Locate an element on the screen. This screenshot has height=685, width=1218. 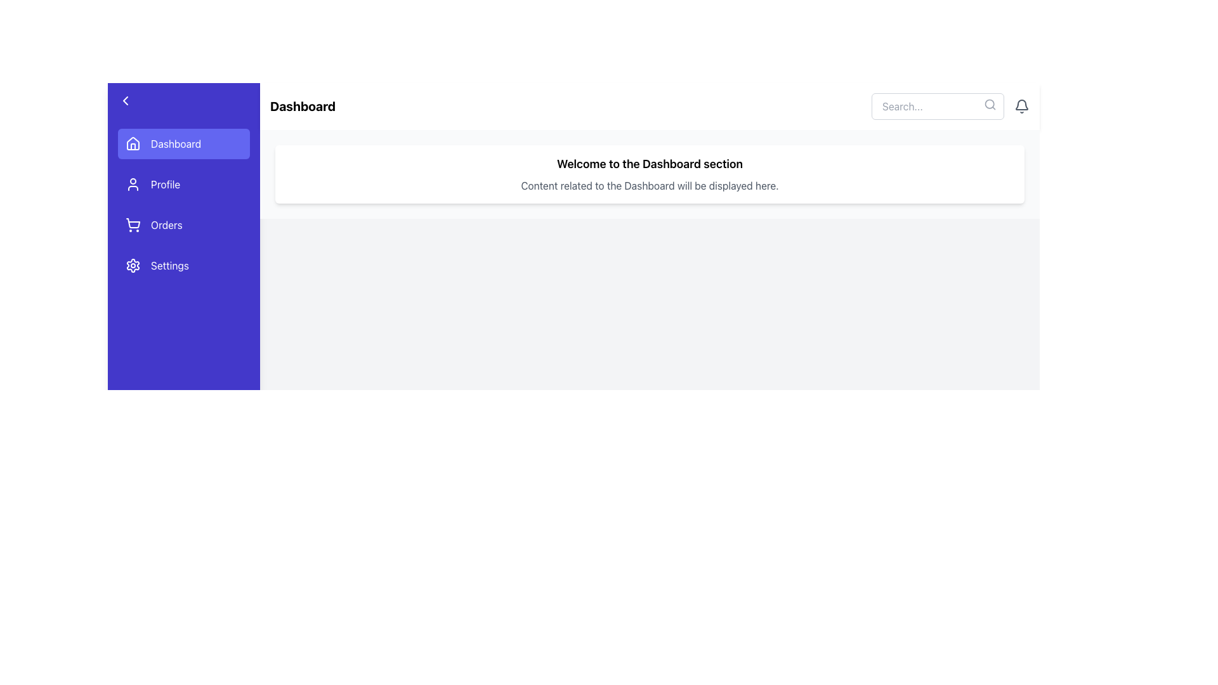
the chevron arrow icon located in the top section of the vertical menu bar on the left-hand side is located at coordinates (125, 100).